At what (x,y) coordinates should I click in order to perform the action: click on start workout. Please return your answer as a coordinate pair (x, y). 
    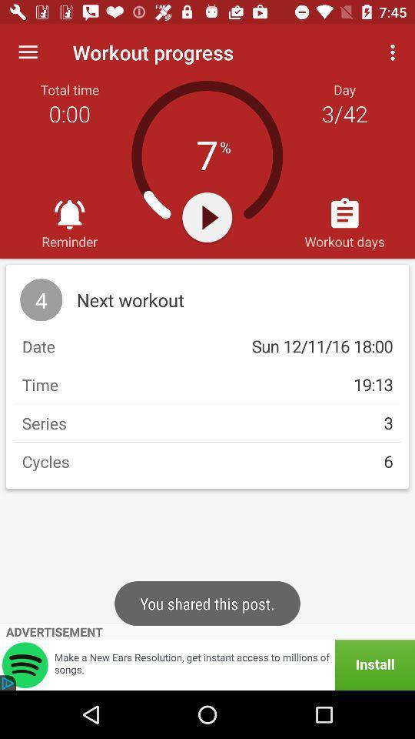
    Looking at the image, I should click on (207, 216).